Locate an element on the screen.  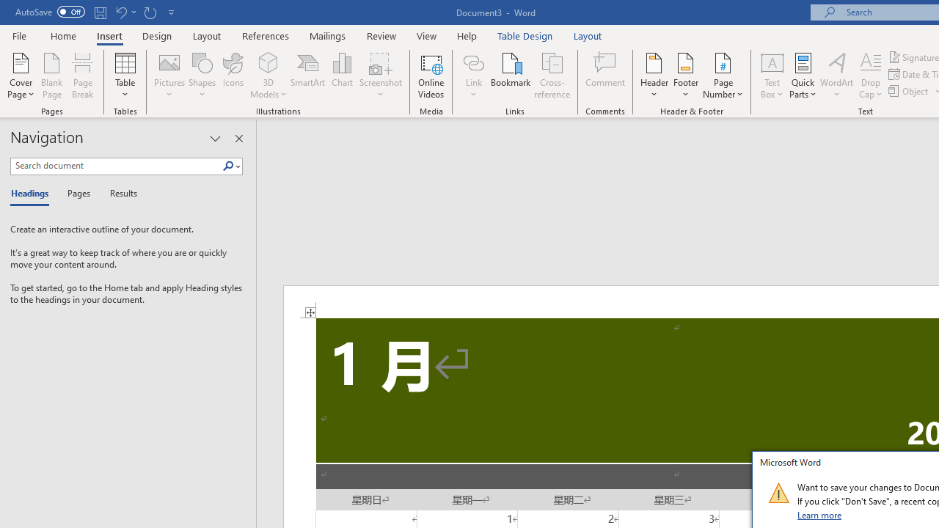
'Learn more' is located at coordinates (819, 514).